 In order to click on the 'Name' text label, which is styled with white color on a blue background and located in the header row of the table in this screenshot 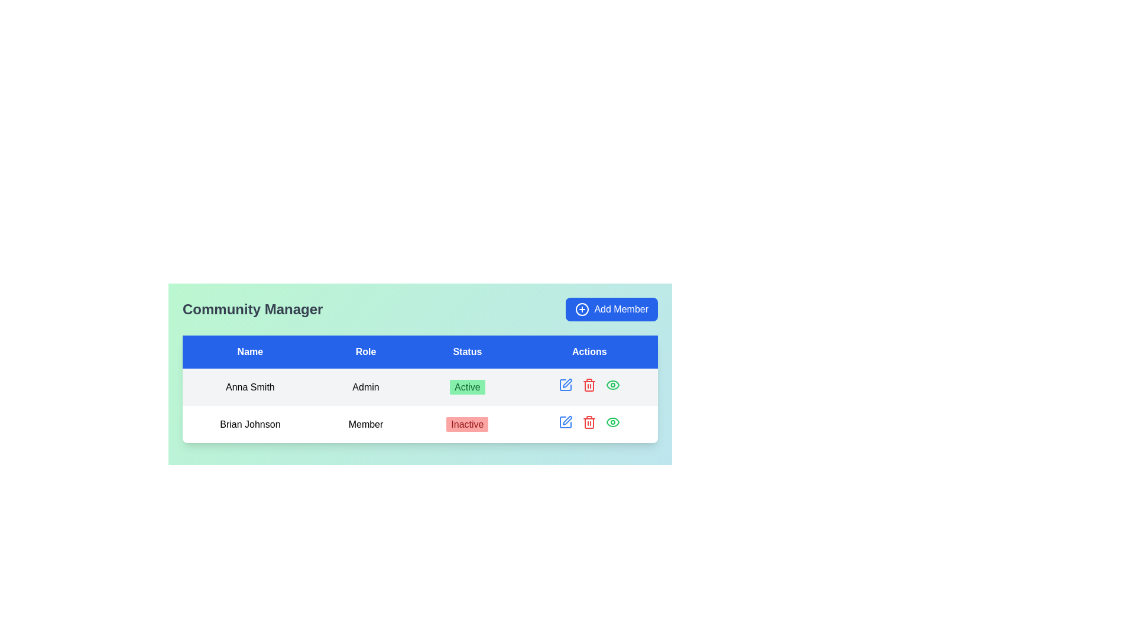, I will do `click(249, 351)`.